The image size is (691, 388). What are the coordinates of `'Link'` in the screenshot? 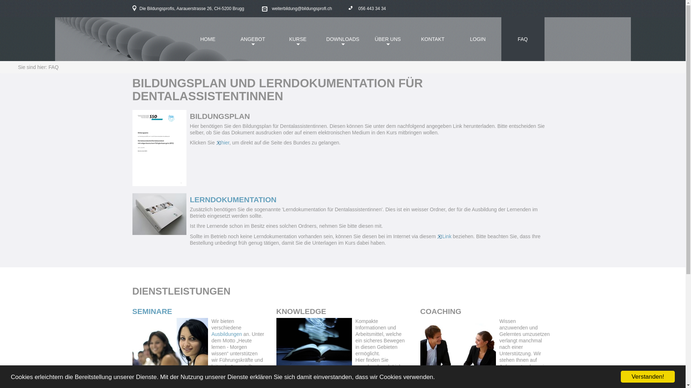 It's located at (437, 236).